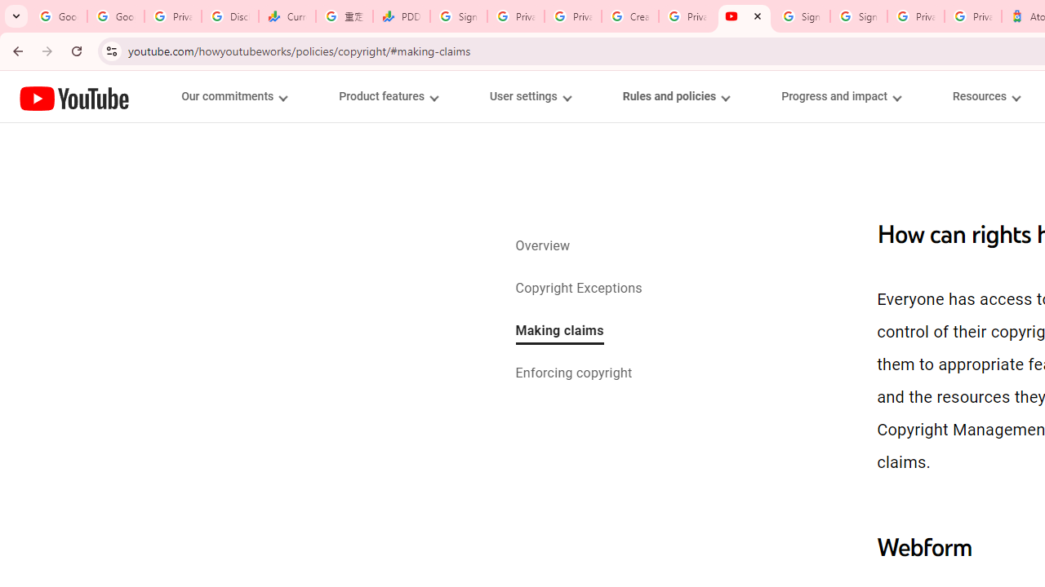  What do you see at coordinates (110, 50) in the screenshot?
I see `'View site information'` at bounding box center [110, 50].